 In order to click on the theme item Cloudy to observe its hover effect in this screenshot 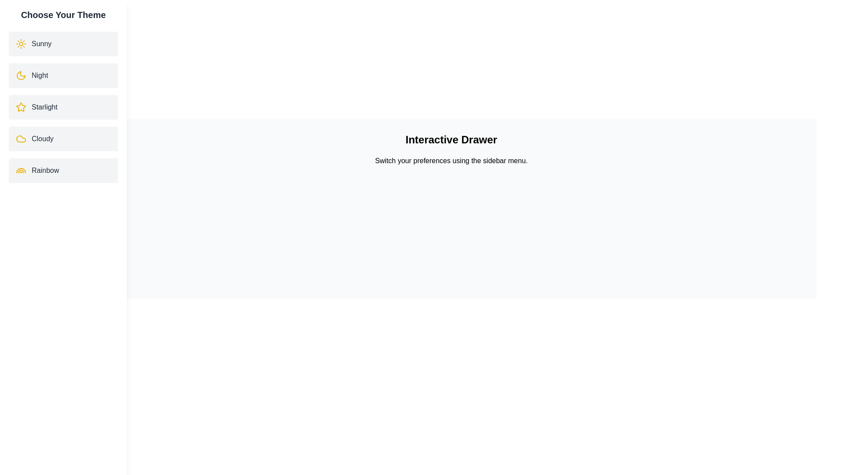, I will do `click(63, 139)`.